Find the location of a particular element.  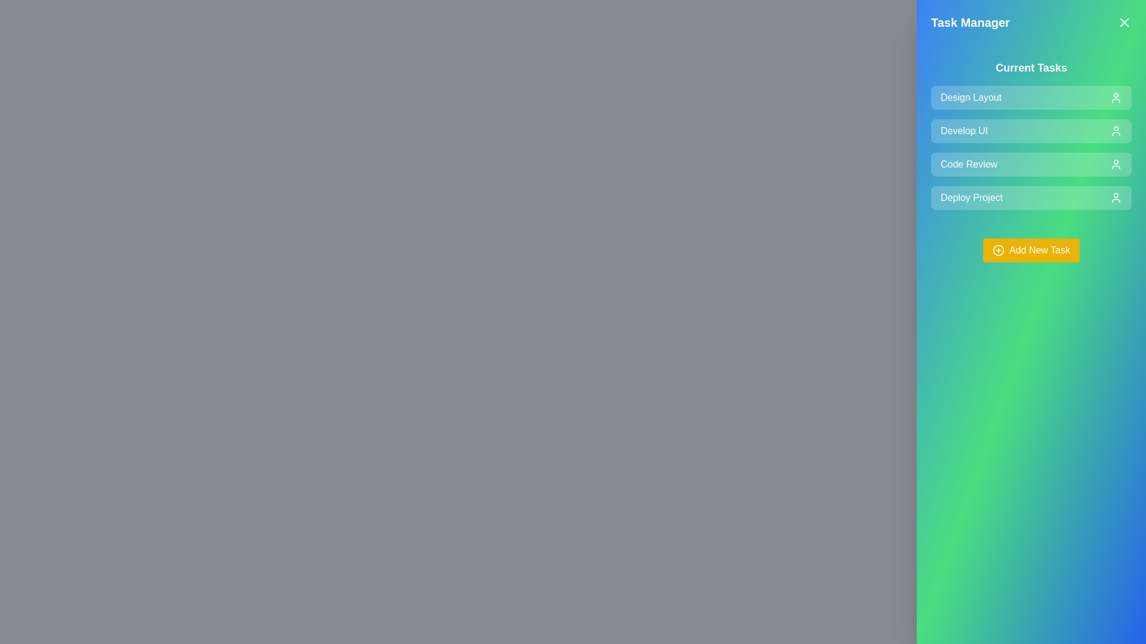

the SVG icon representing the close button in the top-right corner of the interface is located at coordinates (1123, 23).